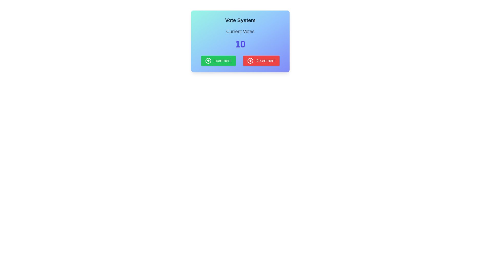 Image resolution: width=492 pixels, height=277 pixels. Describe the element at coordinates (208, 60) in the screenshot. I see `the SVG circle element that serves as a stylistic background for the increment action, located within the circle-arrow-up icon` at that location.